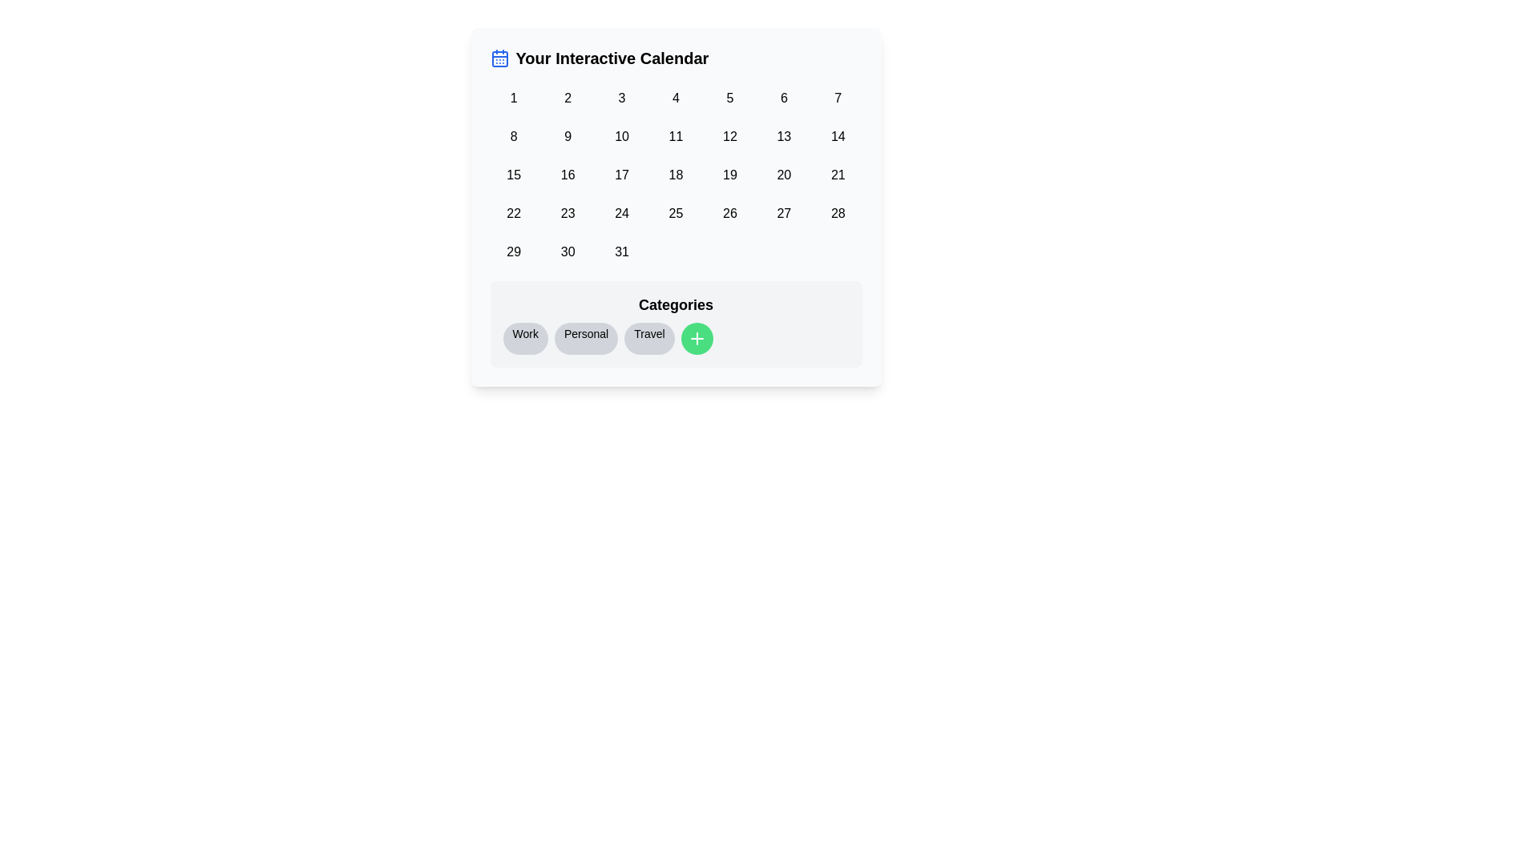 The image size is (1539, 865). What do you see at coordinates (611, 58) in the screenshot?
I see `the text label displaying 'Your Interactive Calendar' which is prominently styled in bold, large font color black, located at the top left of the calendar interface` at bounding box center [611, 58].